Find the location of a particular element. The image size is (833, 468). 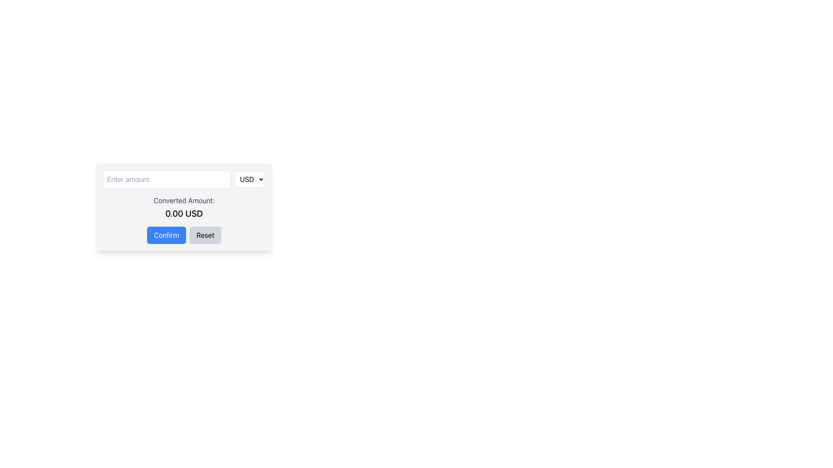

the text label reading 'Converted Amount:' which is styled in medium gray and positioned above the '0.00 USD' text is located at coordinates (184, 200).